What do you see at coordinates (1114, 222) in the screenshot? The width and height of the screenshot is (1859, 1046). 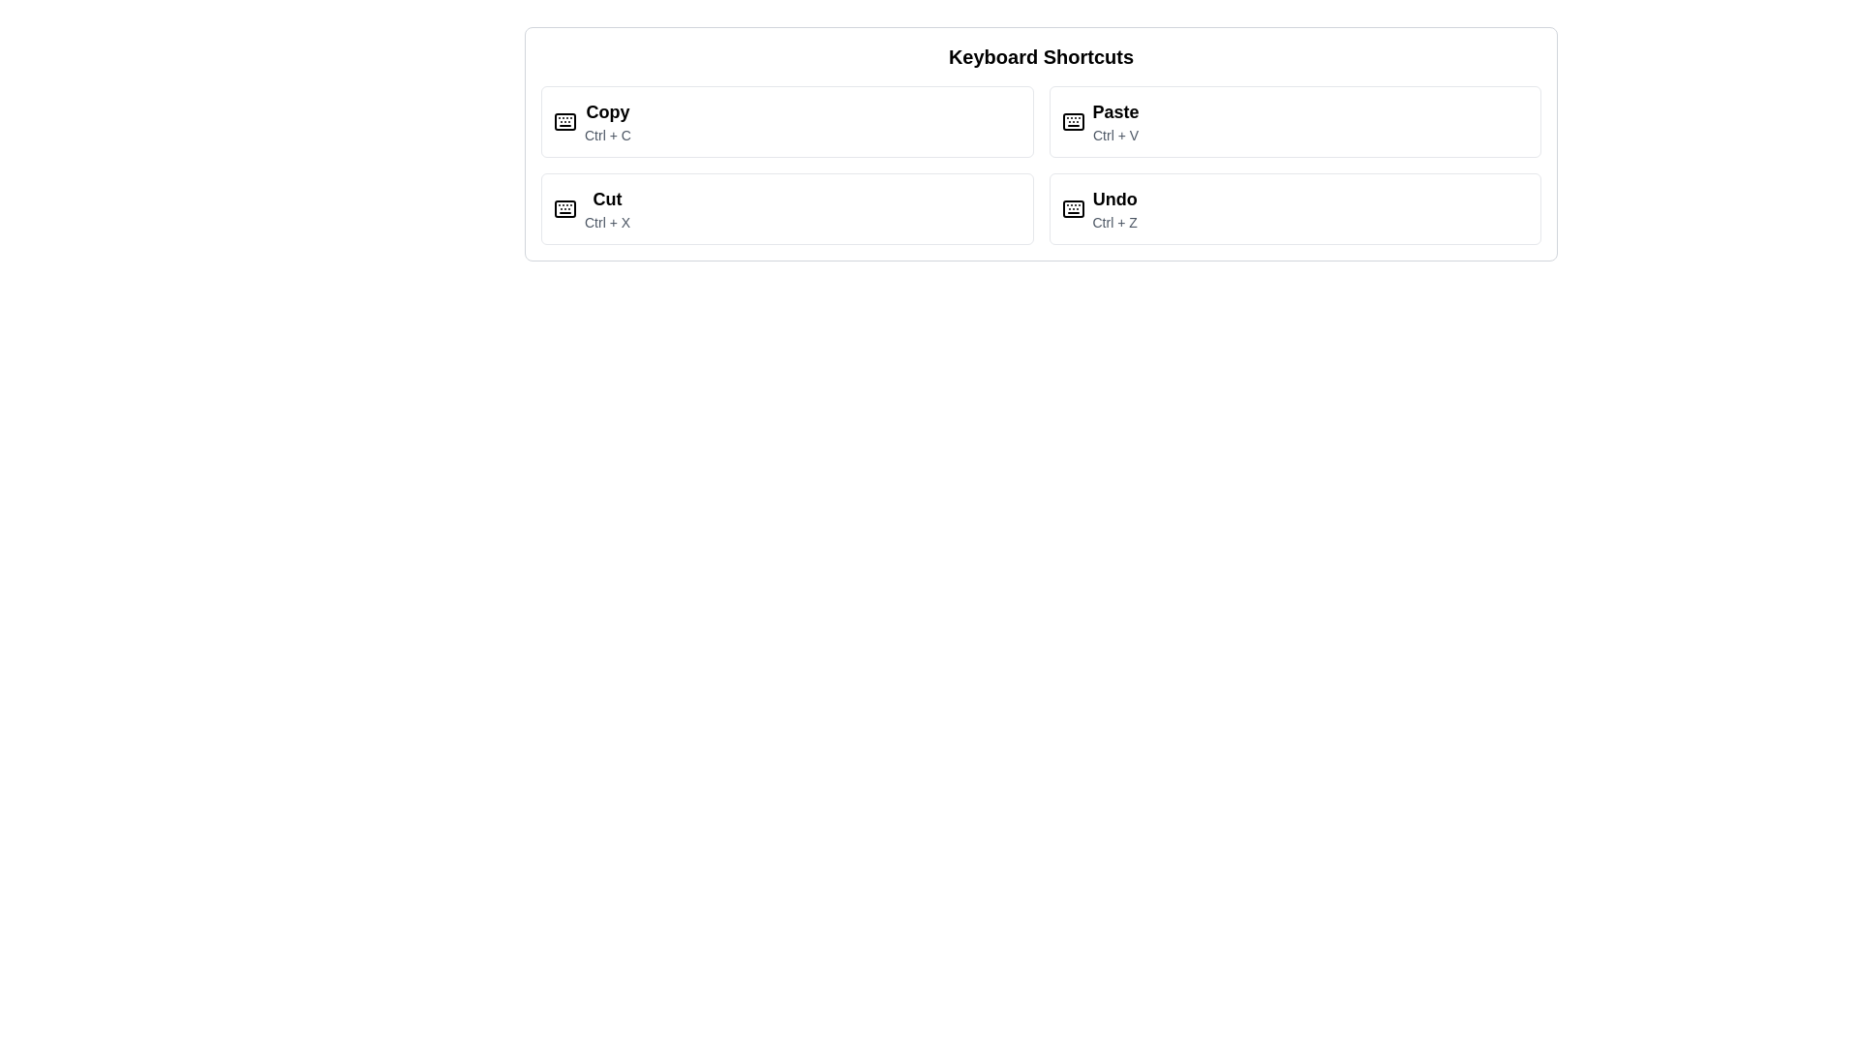 I see `the 'Ctrl + Z' text label, which is styled in a smaller font with a lighter gray color and positioned below the 'Undo' label` at bounding box center [1114, 222].